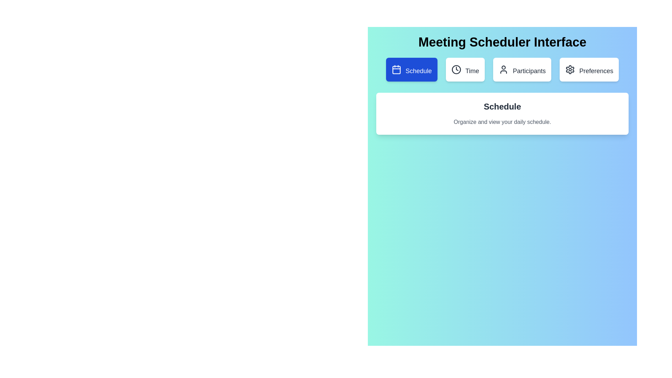  Describe the element at coordinates (456, 70) in the screenshot. I see `the SVG Circle Element that forms the outer boundary of the clock icon in the second button labeled 'Time' in the top horizontal navigation bar` at that location.